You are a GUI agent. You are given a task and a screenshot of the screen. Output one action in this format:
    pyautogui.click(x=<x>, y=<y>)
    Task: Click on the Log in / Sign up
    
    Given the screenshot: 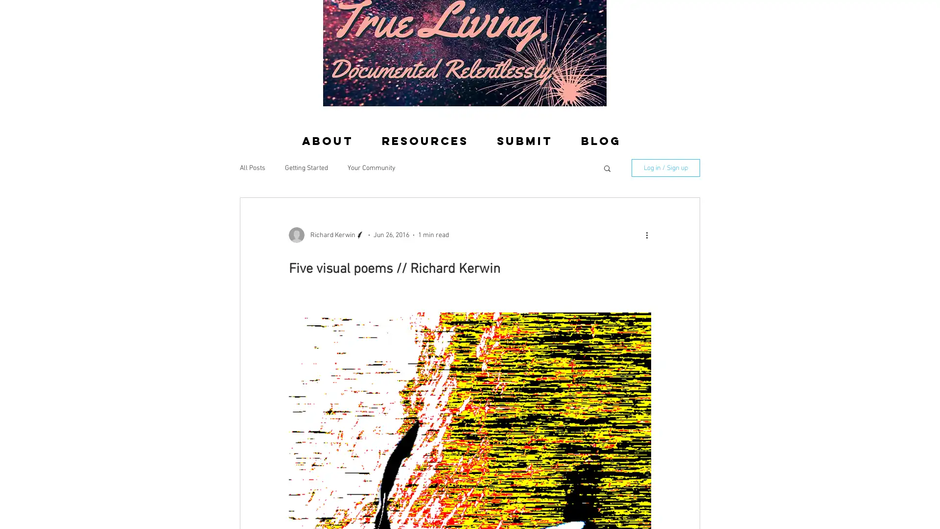 What is the action you would take?
    pyautogui.click(x=665, y=168)
    